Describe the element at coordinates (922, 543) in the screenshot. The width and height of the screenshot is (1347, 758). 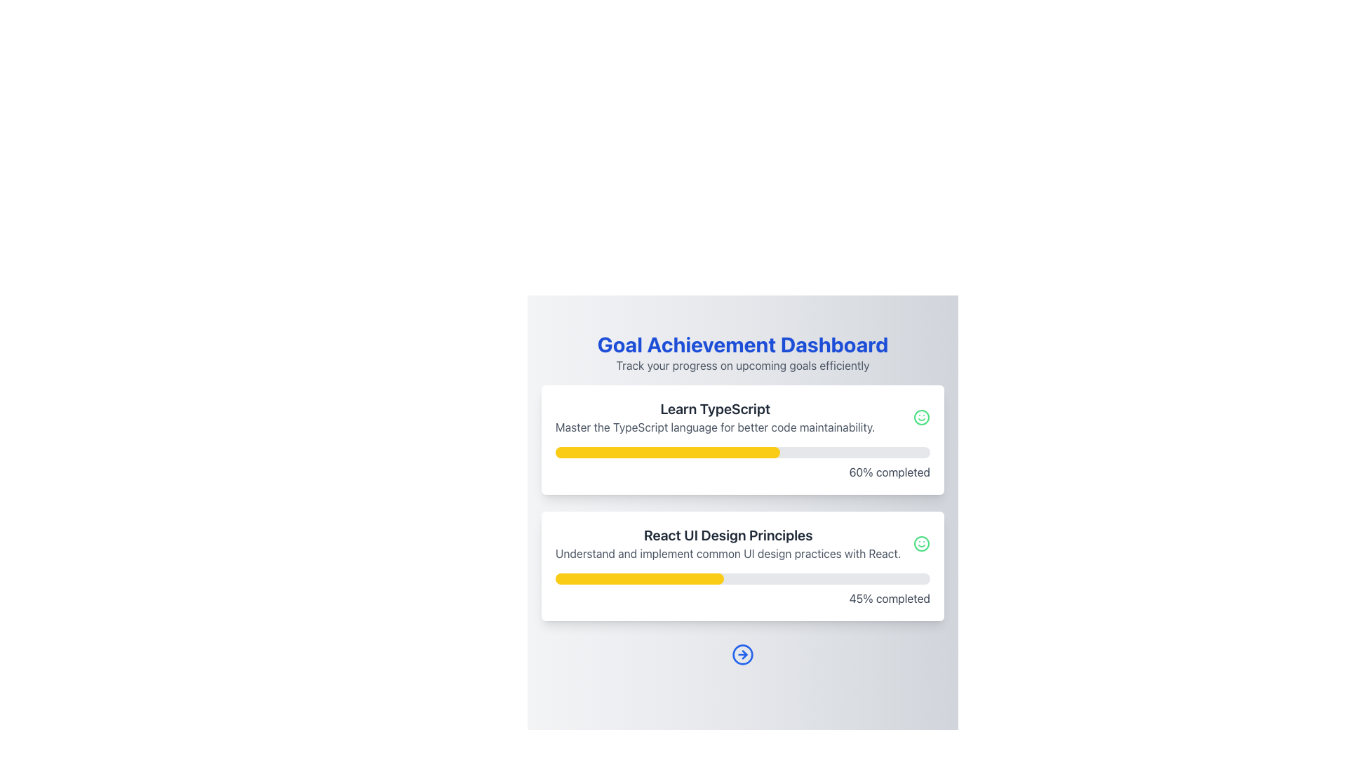
I see `the small circular green smiling face icon located to the right of the text 'React UI Design Principles' within the card` at that location.